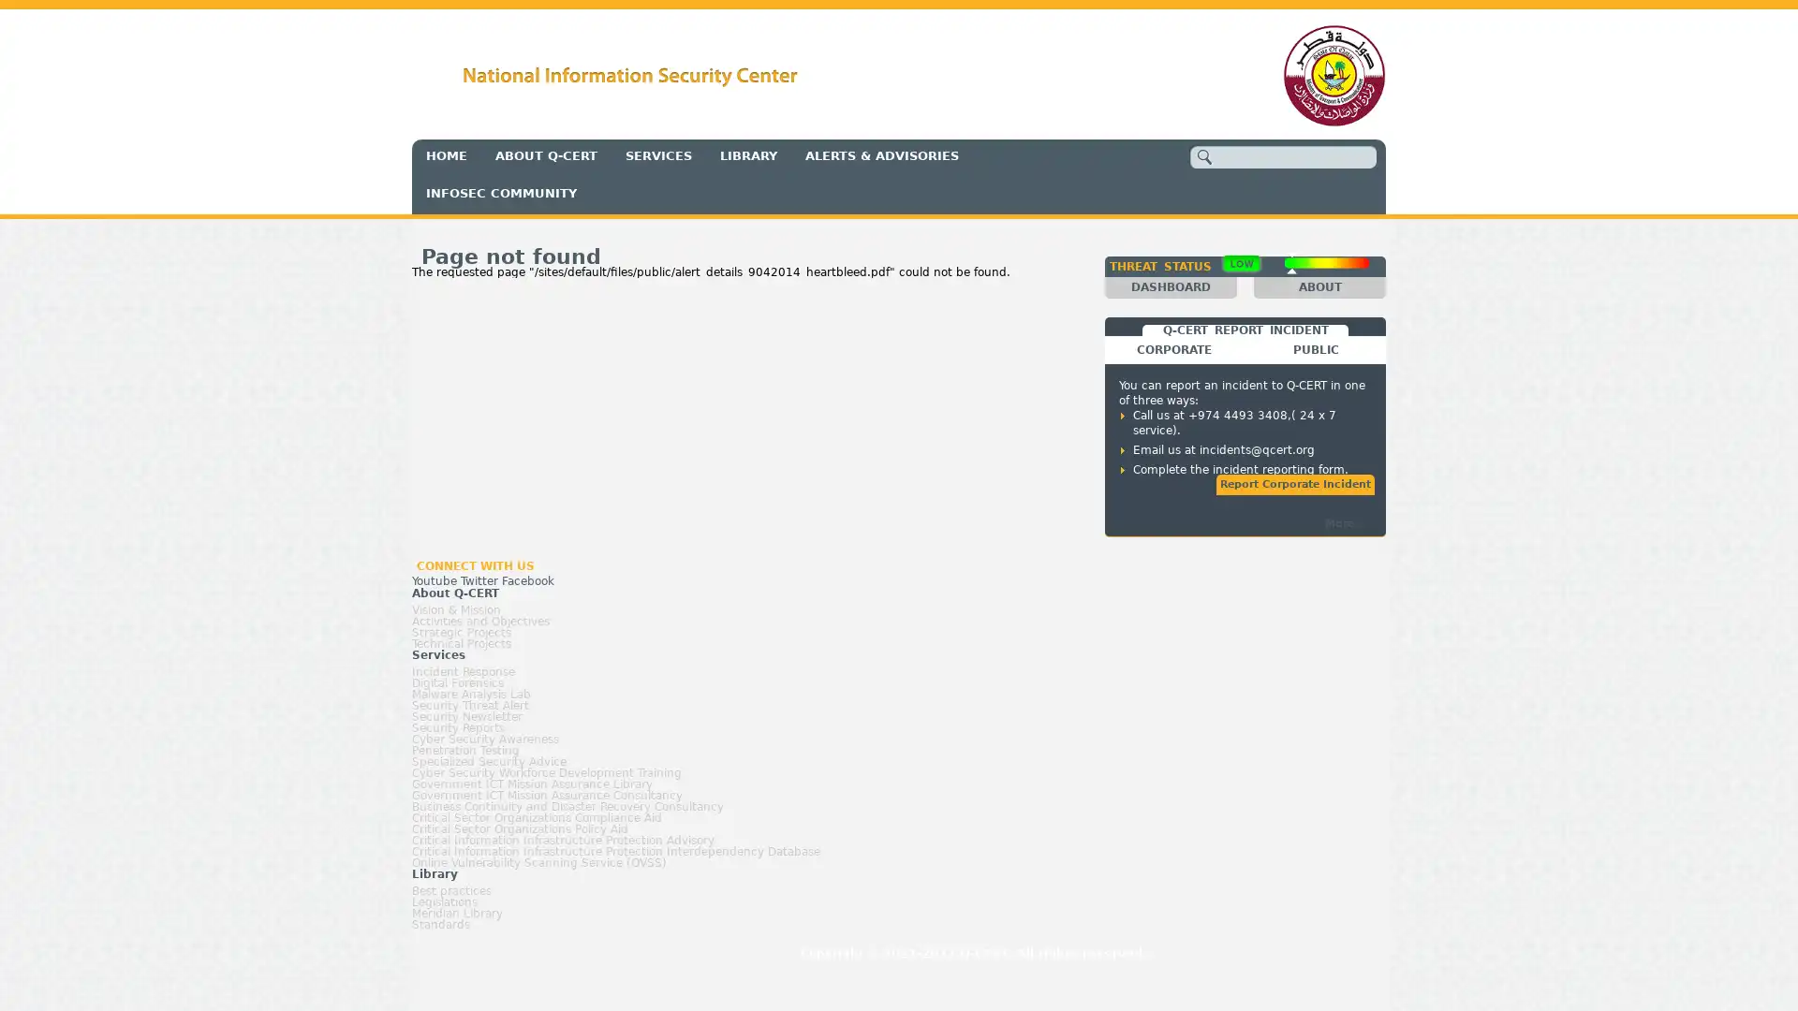  I want to click on Search, so click(1204, 155).